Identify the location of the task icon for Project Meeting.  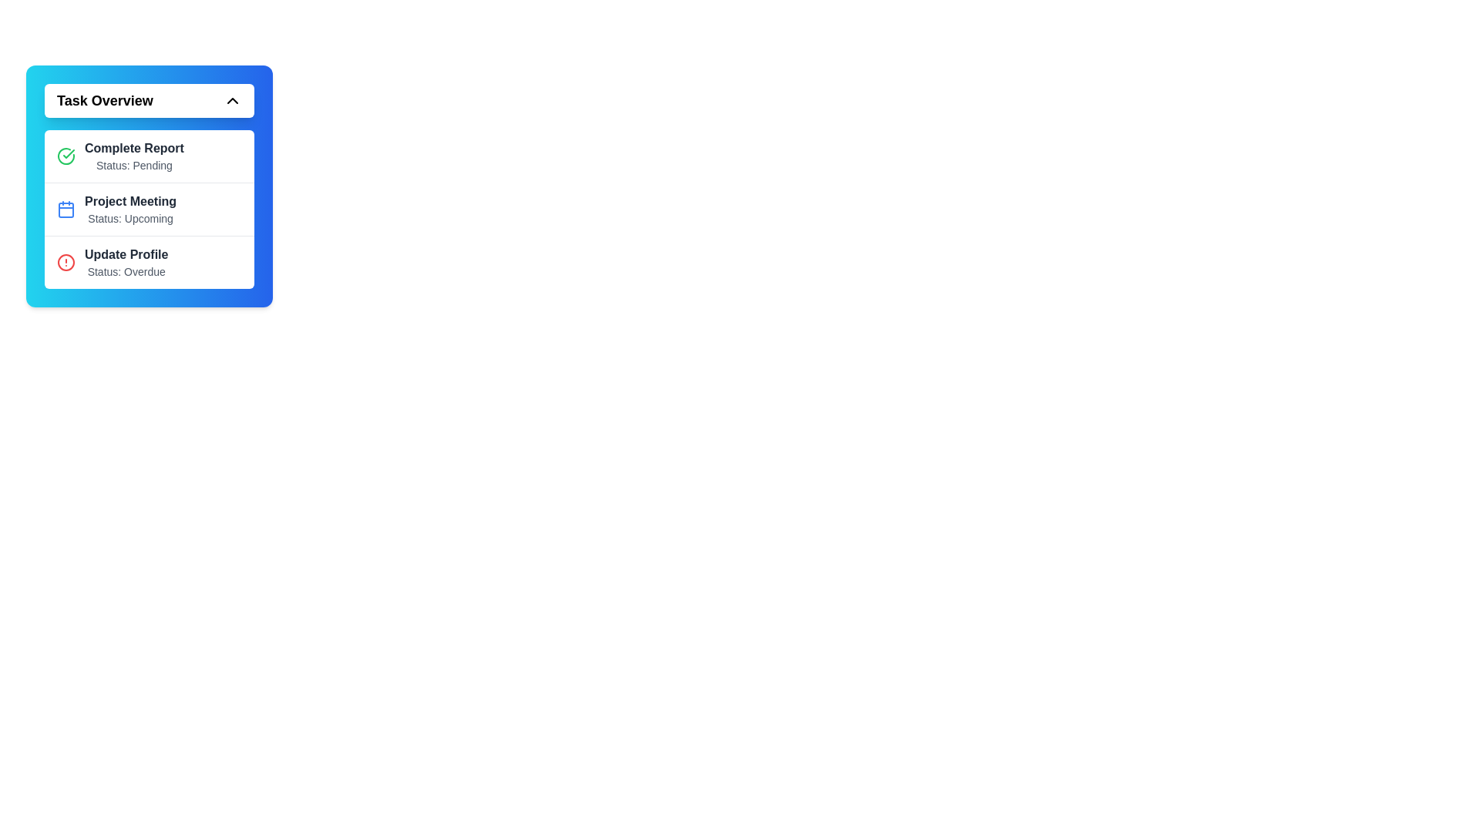
(66, 210).